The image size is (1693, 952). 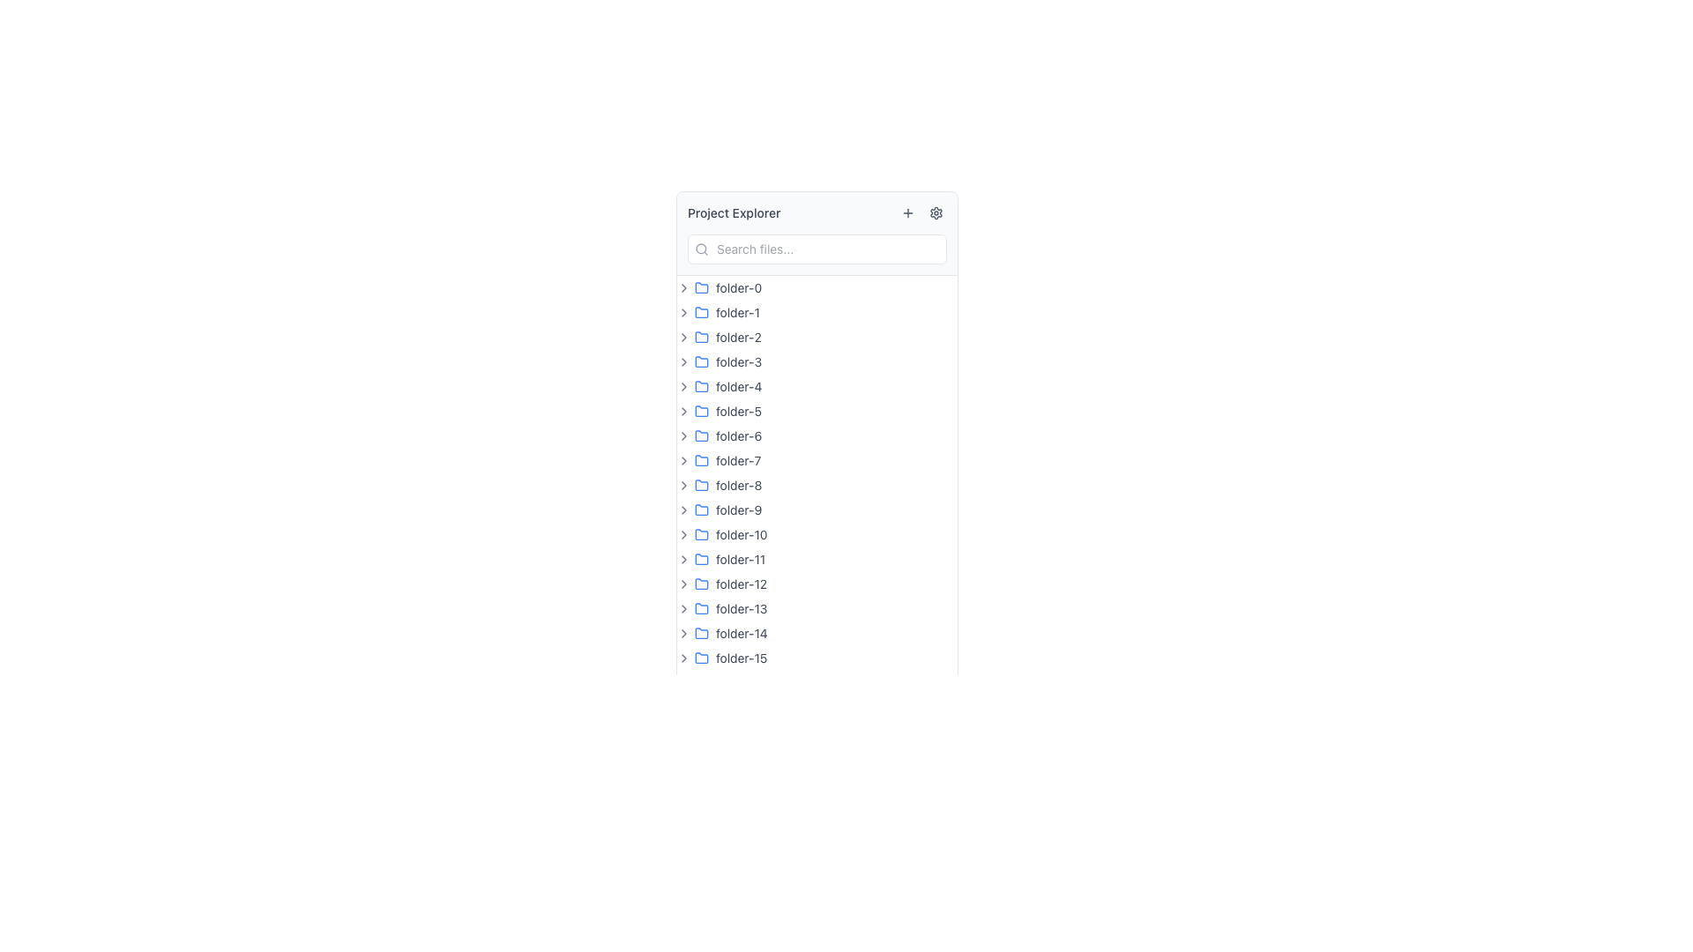 What do you see at coordinates (701, 311) in the screenshot?
I see `the blue folder icon located next to the text 'folder-1', which is the second element from the left within the project explorer` at bounding box center [701, 311].